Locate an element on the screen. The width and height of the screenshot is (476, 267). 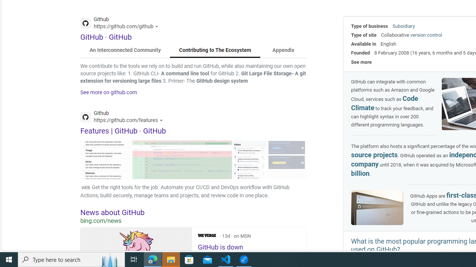
'Actions for this site' is located at coordinates (161, 120).